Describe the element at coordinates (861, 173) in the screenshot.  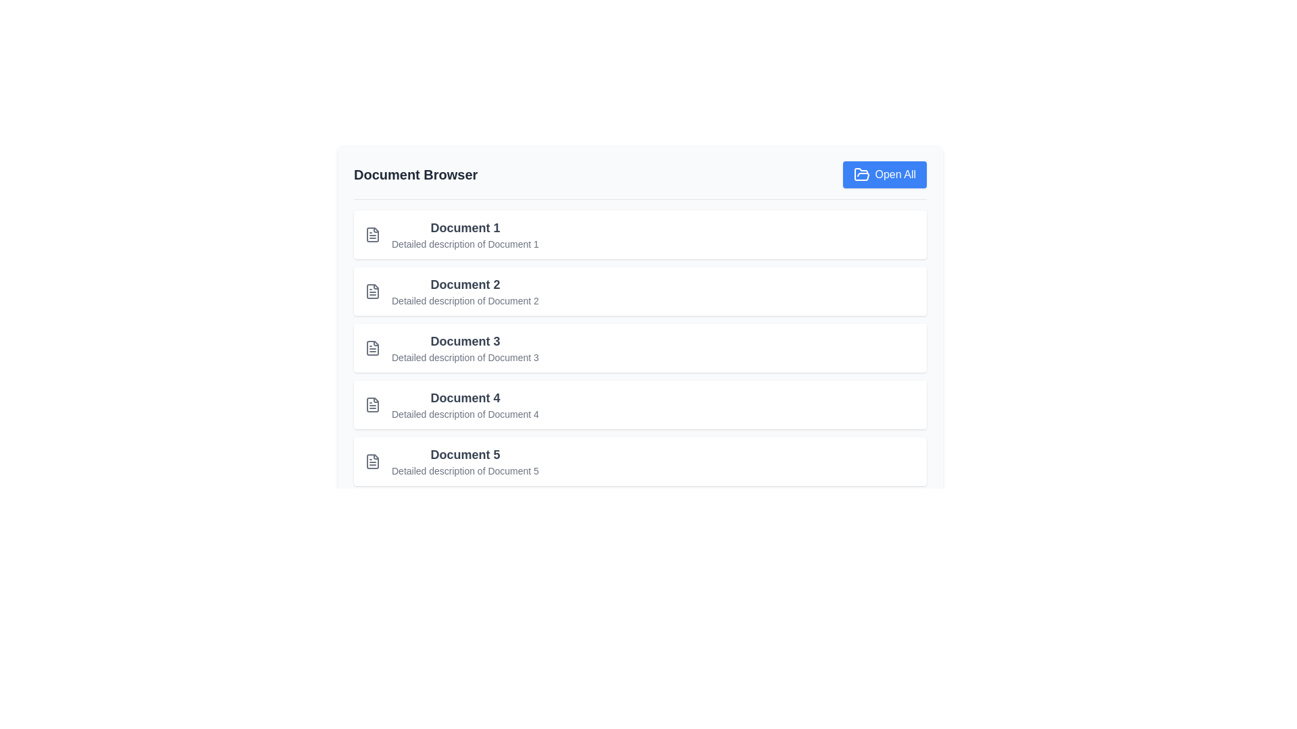
I see `the open folder icon located in the top-right corner of the interface, within the 'Open All' button, positioned to the left of the text label` at that location.